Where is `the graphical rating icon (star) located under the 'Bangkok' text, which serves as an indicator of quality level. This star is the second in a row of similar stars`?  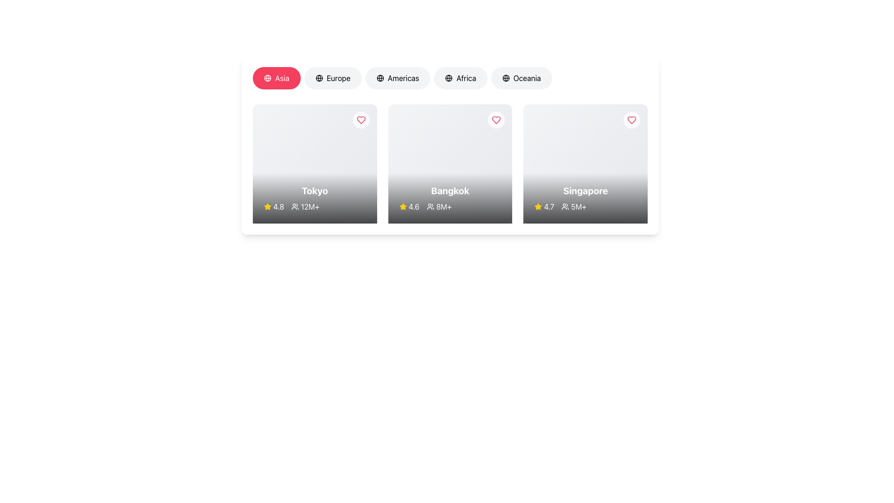
the graphical rating icon (star) located under the 'Bangkok' text, which serves as an indicator of quality level. This star is the second in a row of similar stars is located at coordinates (538, 206).